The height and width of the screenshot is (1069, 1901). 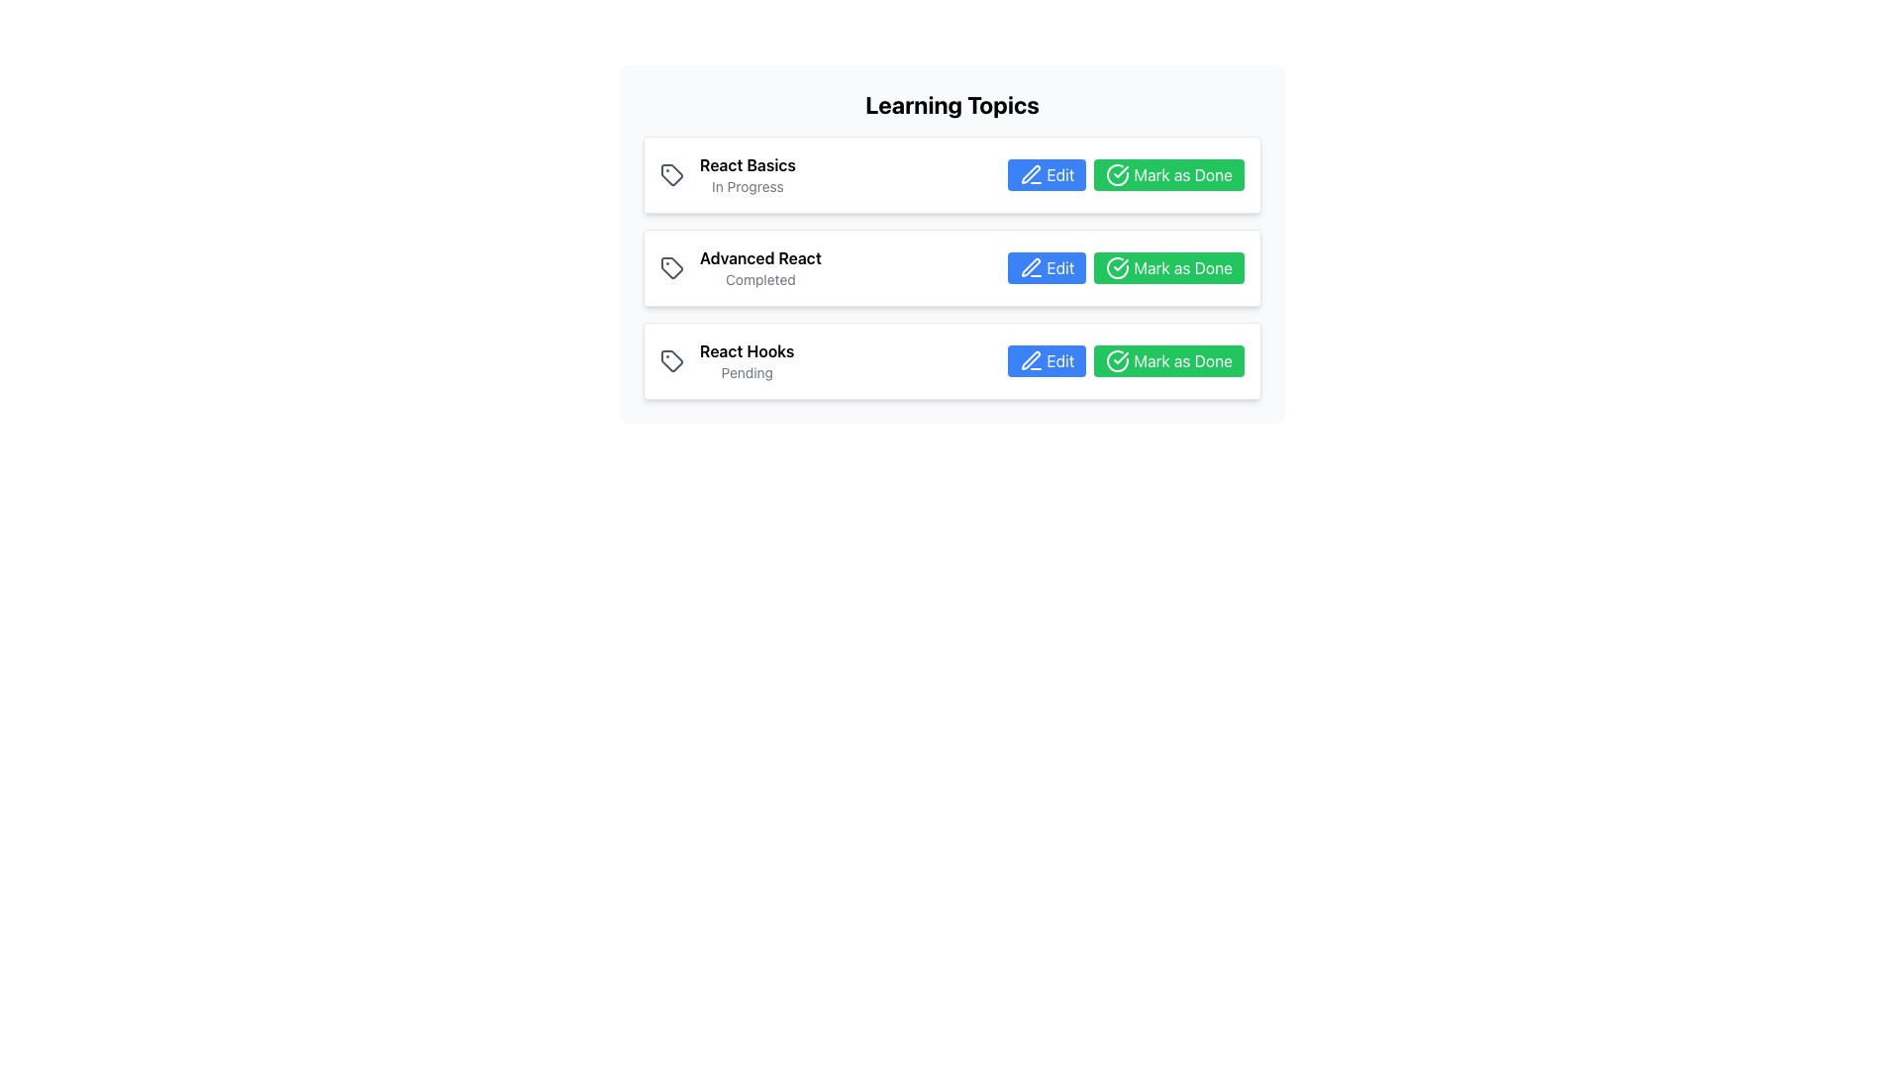 What do you see at coordinates (1169, 267) in the screenshot?
I see `the button located on the right side of the second row in the 'Learning Topics' list to mark the topic as completed` at bounding box center [1169, 267].